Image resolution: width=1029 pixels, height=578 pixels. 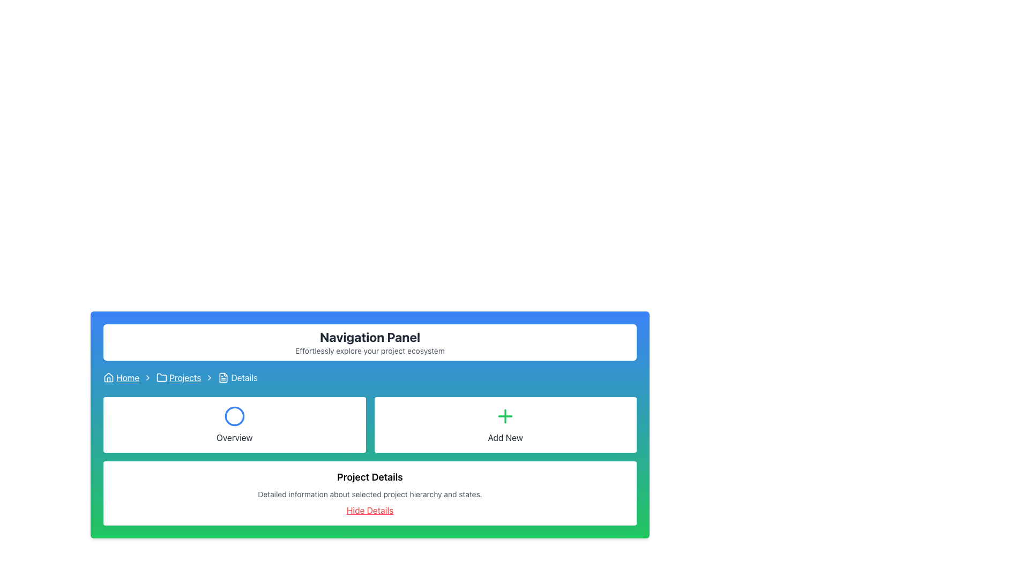 What do you see at coordinates (108, 377) in the screenshot?
I see `the home icon located at the top-left side of the interface, adjacent to the text labeled 'Home'` at bounding box center [108, 377].